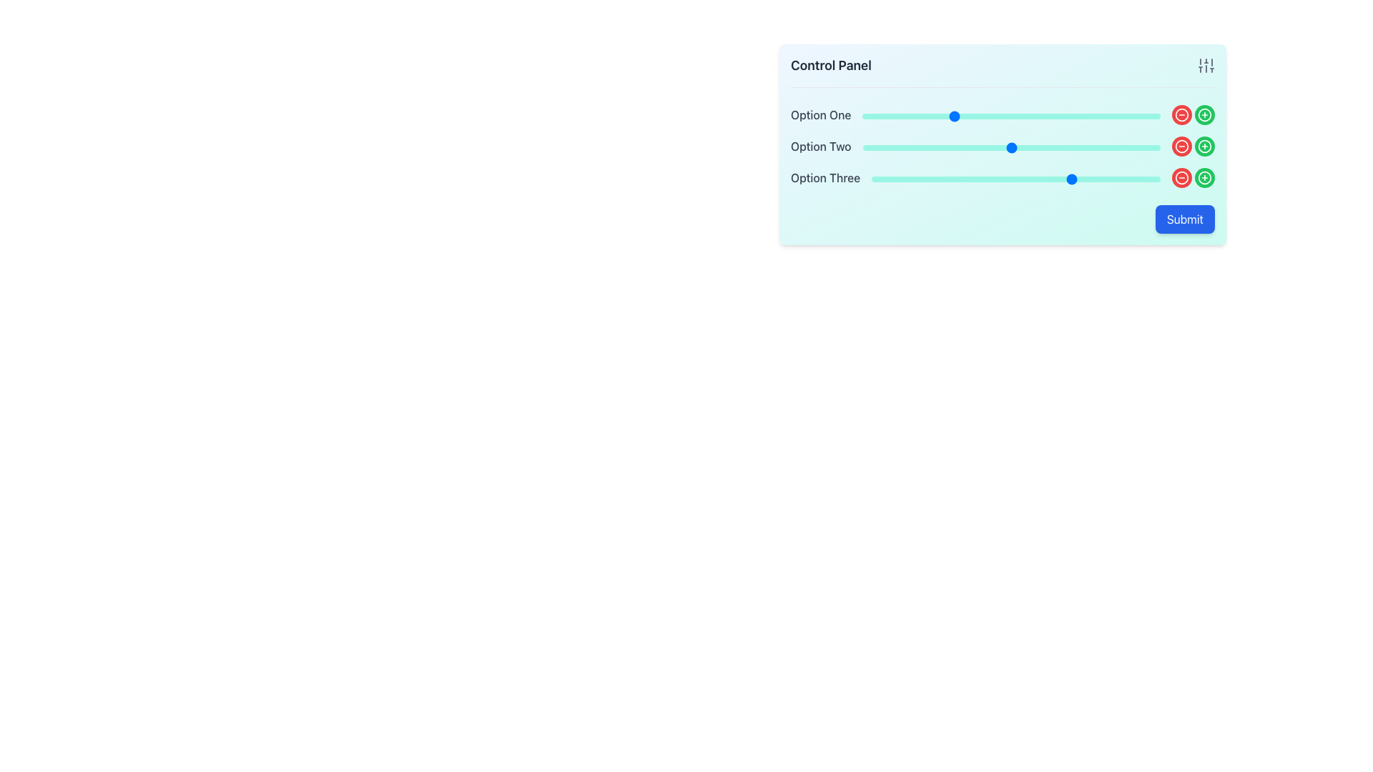 Image resolution: width=1373 pixels, height=772 pixels. What do you see at coordinates (952, 115) in the screenshot?
I see `the slider` at bounding box center [952, 115].